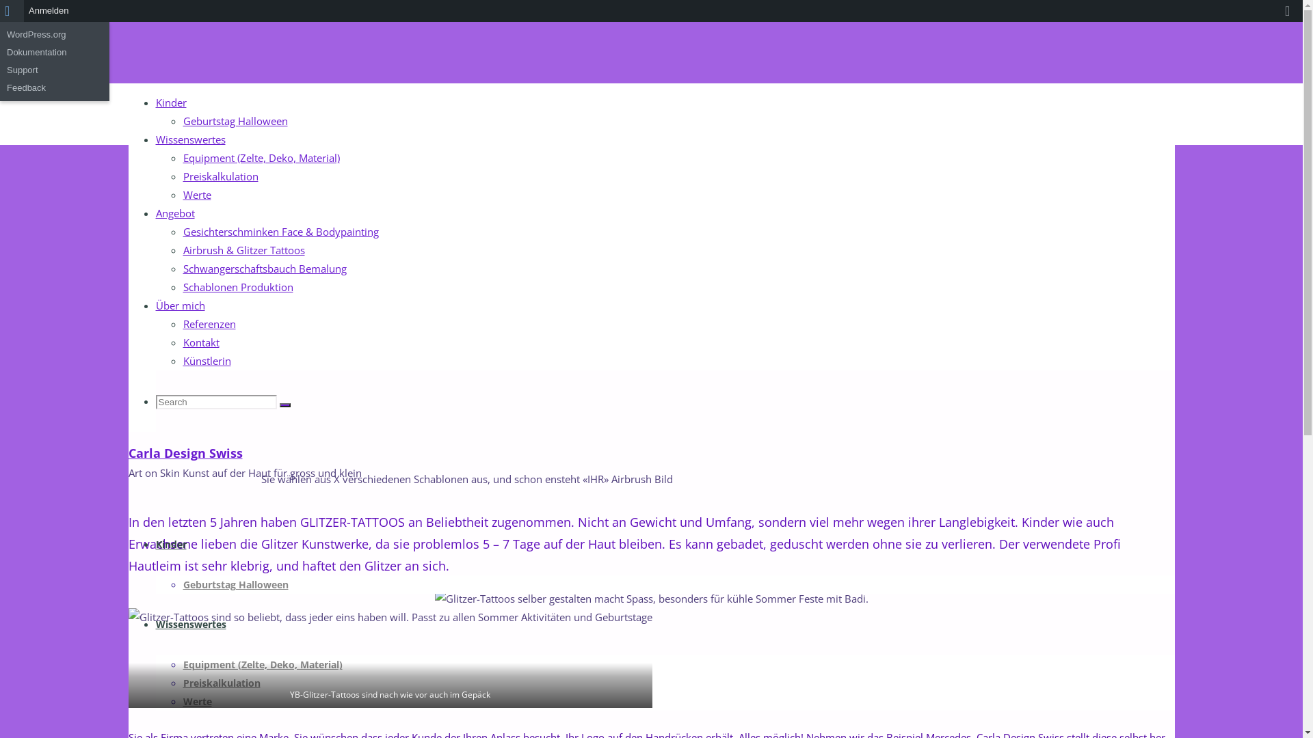  What do you see at coordinates (280, 231) in the screenshot?
I see `'Gesichterschminken Face & Bodypainting'` at bounding box center [280, 231].